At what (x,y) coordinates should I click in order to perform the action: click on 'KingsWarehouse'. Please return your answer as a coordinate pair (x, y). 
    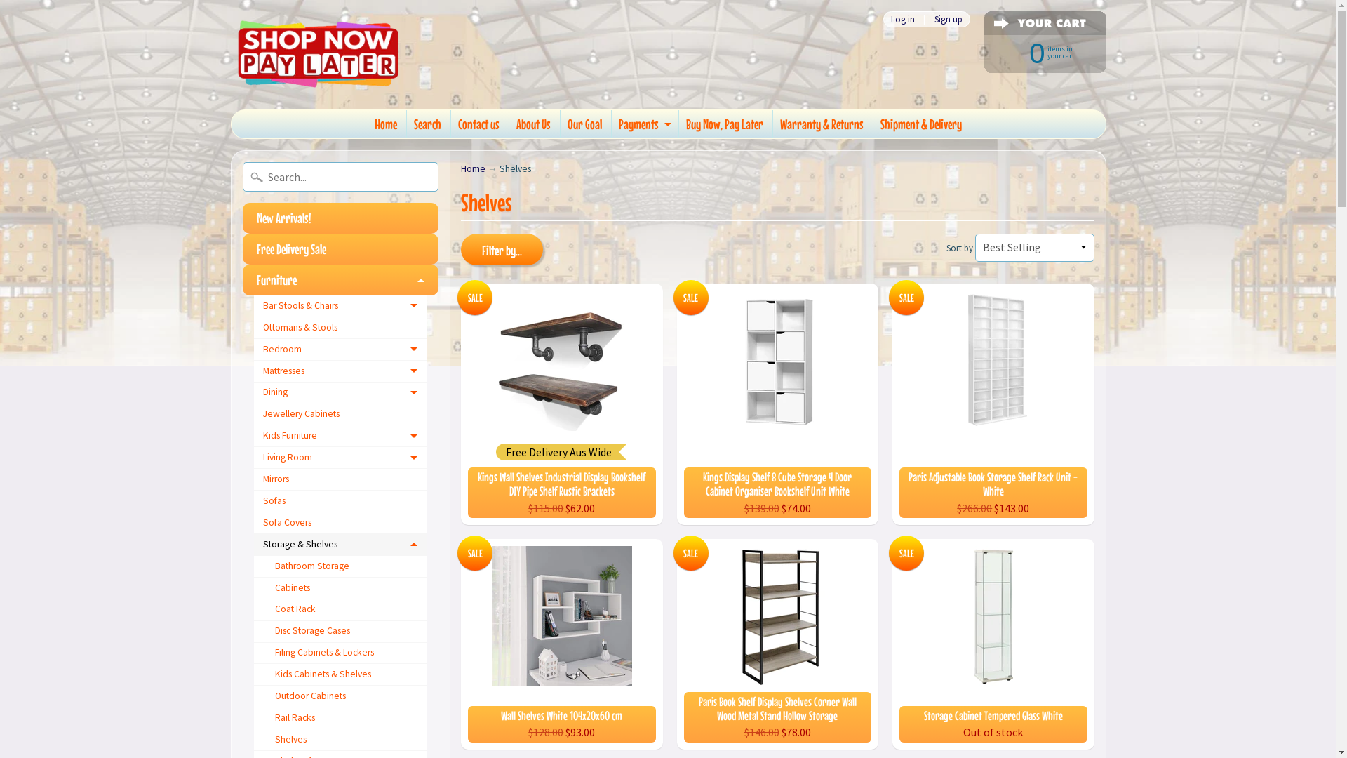
    Looking at the image, I should click on (316, 53).